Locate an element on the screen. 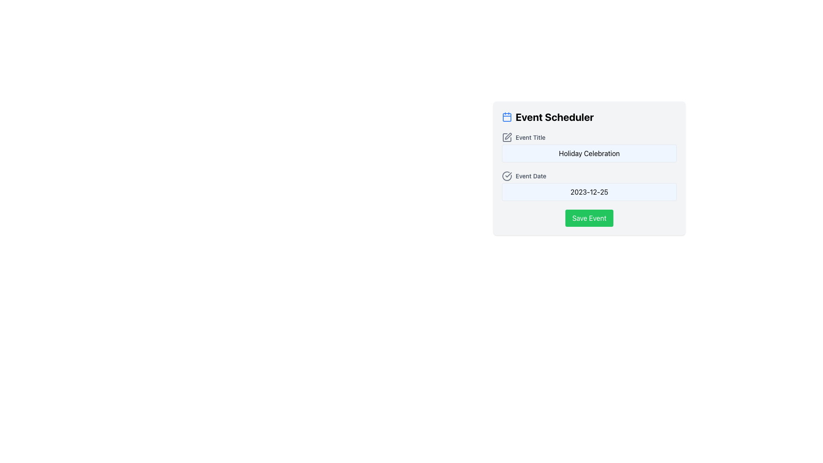 Image resolution: width=823 pixels, height=463 pixels. displayed date in the 'Event Date' field, which shows '2023-12-25', located in the middle of the 'Event Scheduler' card, below 'Holiday Celebration' and above 'Save Event' is located at coordinates (589, 186).